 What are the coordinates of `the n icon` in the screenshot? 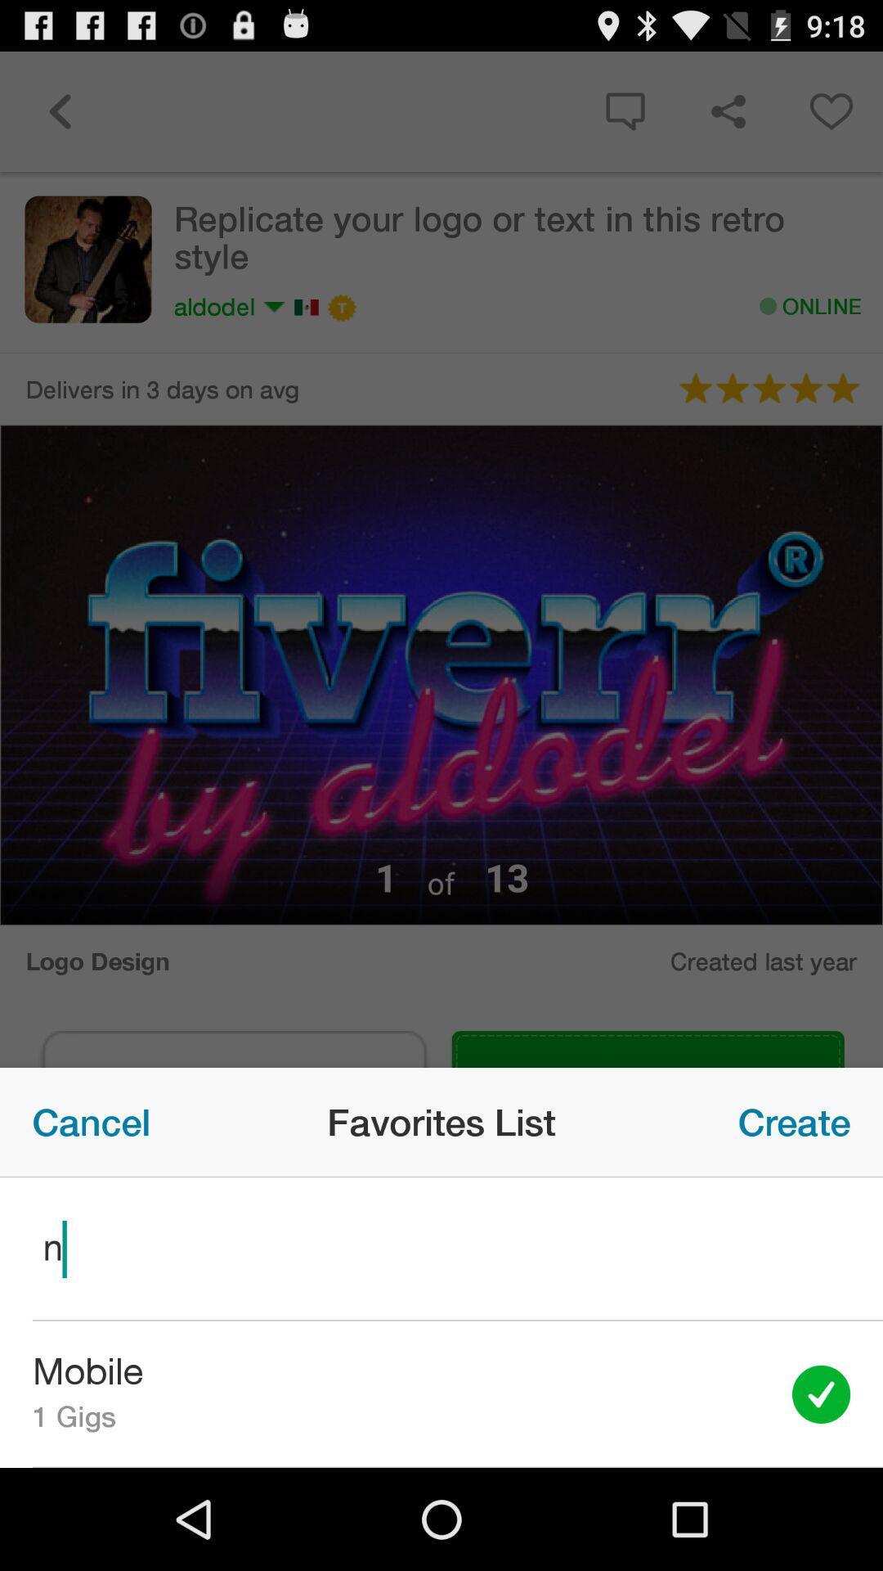 It's located at (441, 1248).